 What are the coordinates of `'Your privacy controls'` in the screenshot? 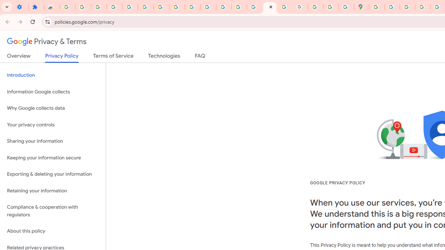 It's located at (52, 124).